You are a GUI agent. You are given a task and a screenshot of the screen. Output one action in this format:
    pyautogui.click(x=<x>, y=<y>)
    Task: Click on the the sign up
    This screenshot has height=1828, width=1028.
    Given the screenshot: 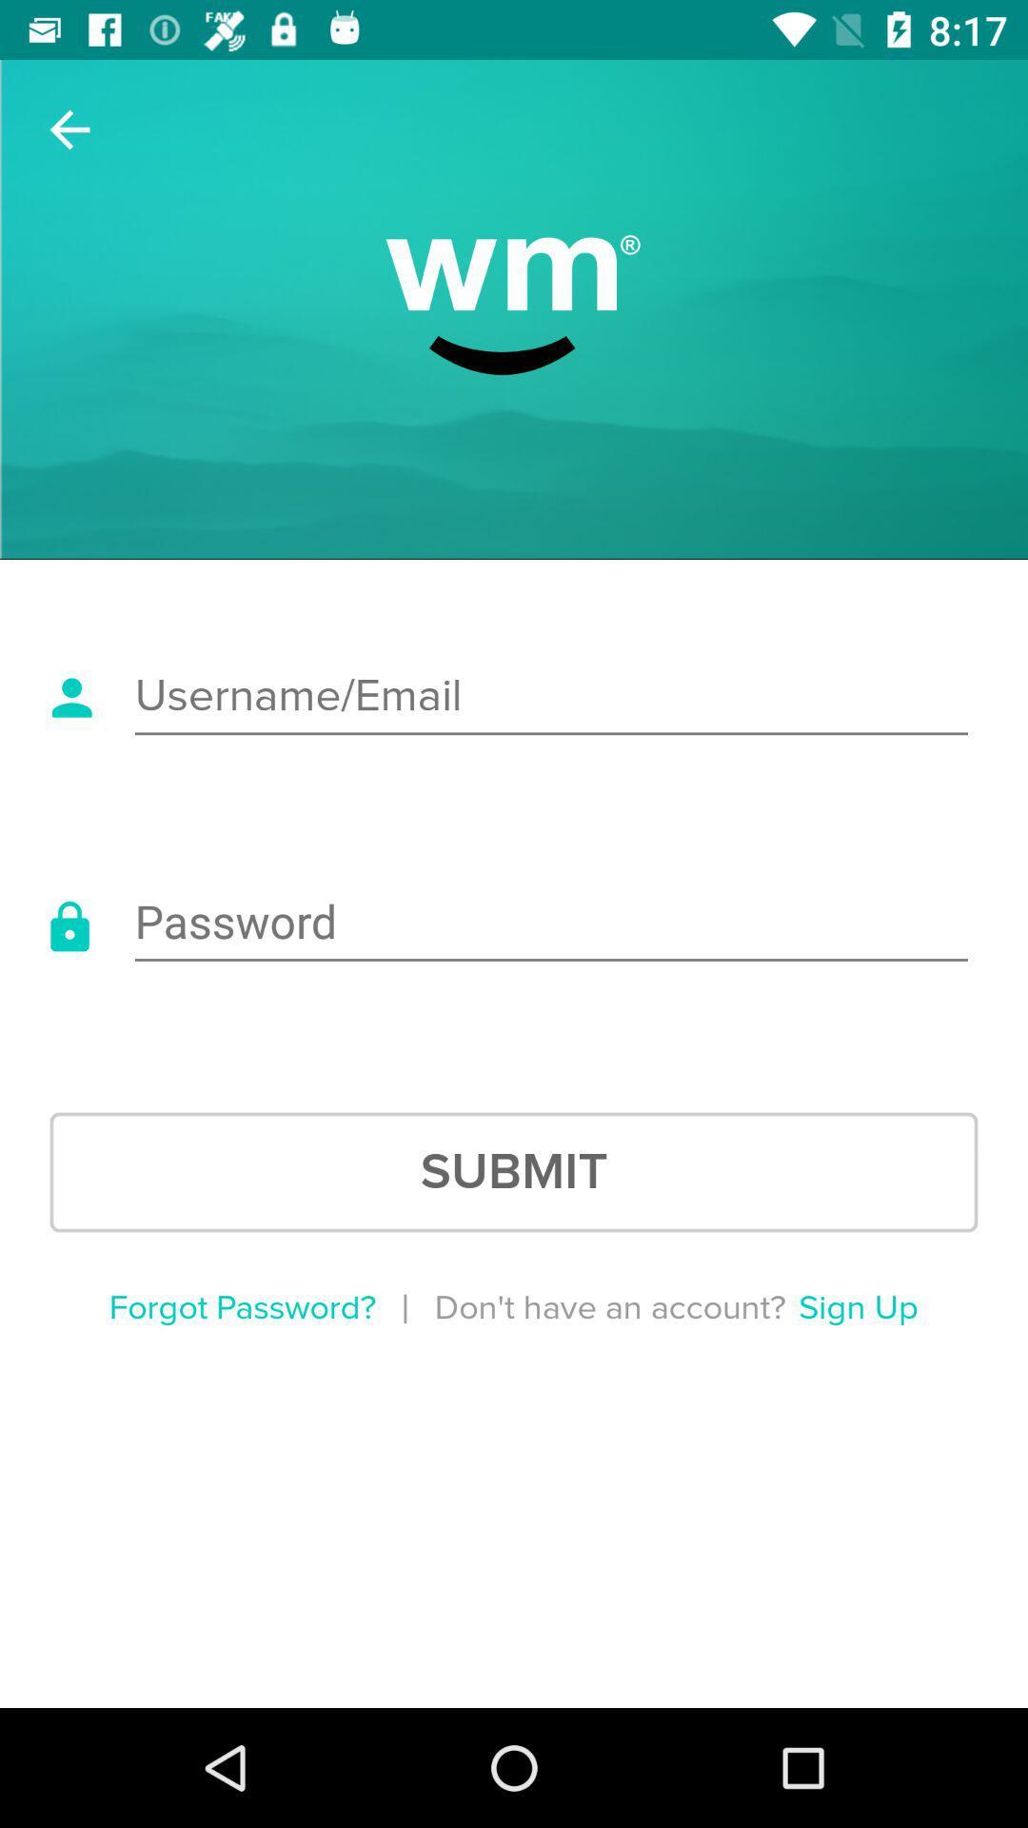 What is the action you would take?
    pyautogui.click(x=858, y=1307)
    